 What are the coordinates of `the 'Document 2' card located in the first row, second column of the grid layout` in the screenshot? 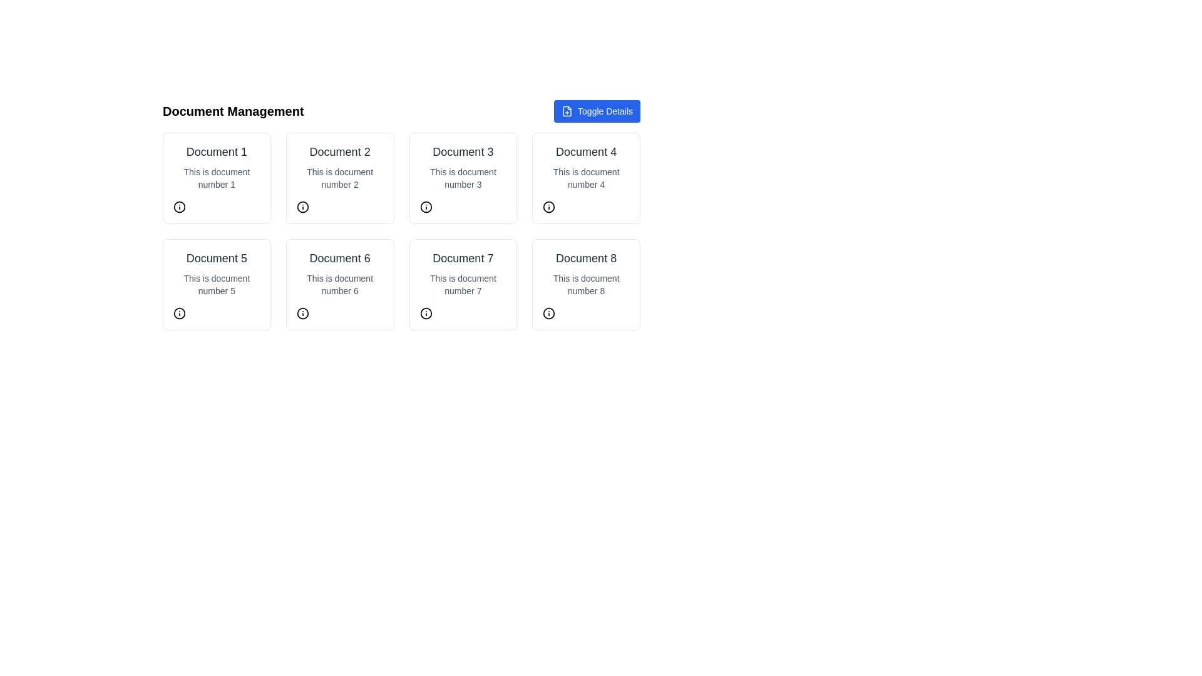 It's located at (340, 178).